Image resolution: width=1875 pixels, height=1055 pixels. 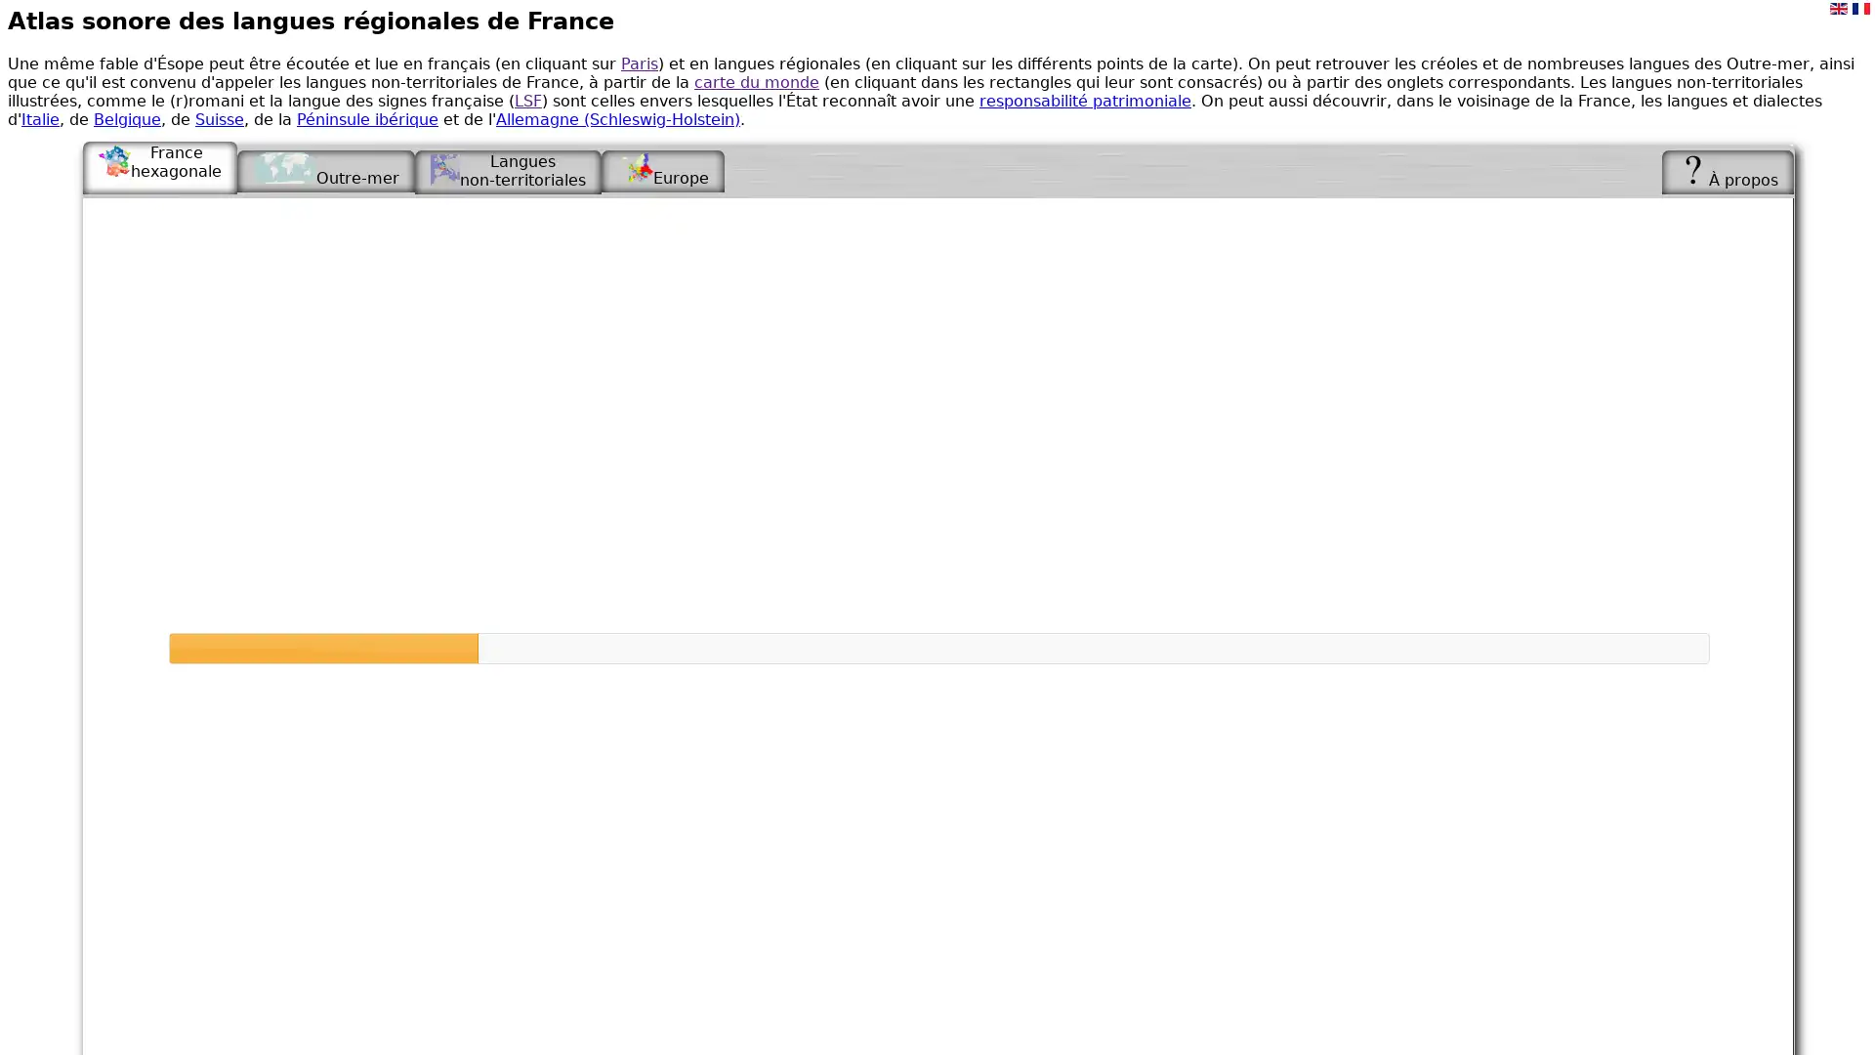 What do you see at coordinates (159, 165) in the screenshot?
I see `France hexagonale` at bounding box center [159, 165].